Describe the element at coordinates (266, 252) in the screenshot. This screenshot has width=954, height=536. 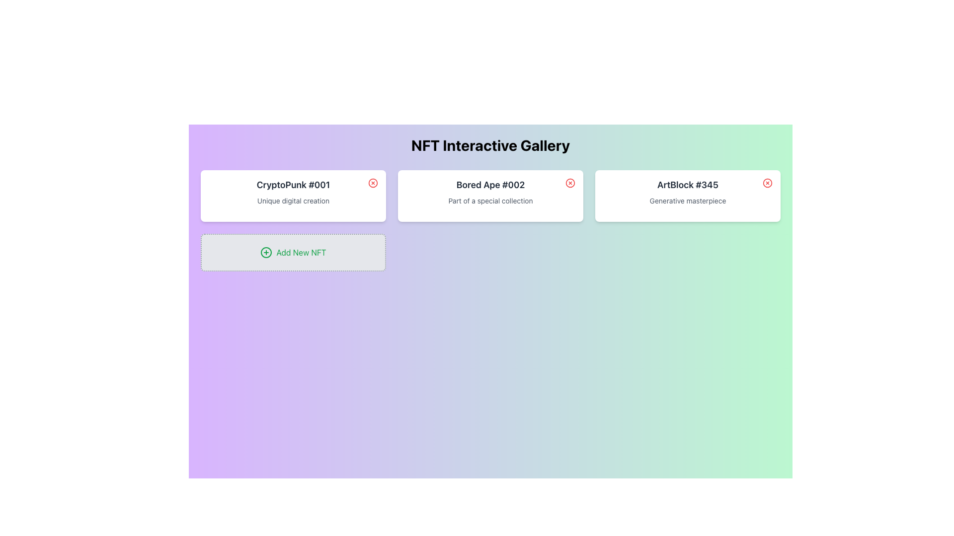
I see `the addition icon within the 'Add New NFT' button, which is located in the second row of the interface beneath the NFT cards` at that location.